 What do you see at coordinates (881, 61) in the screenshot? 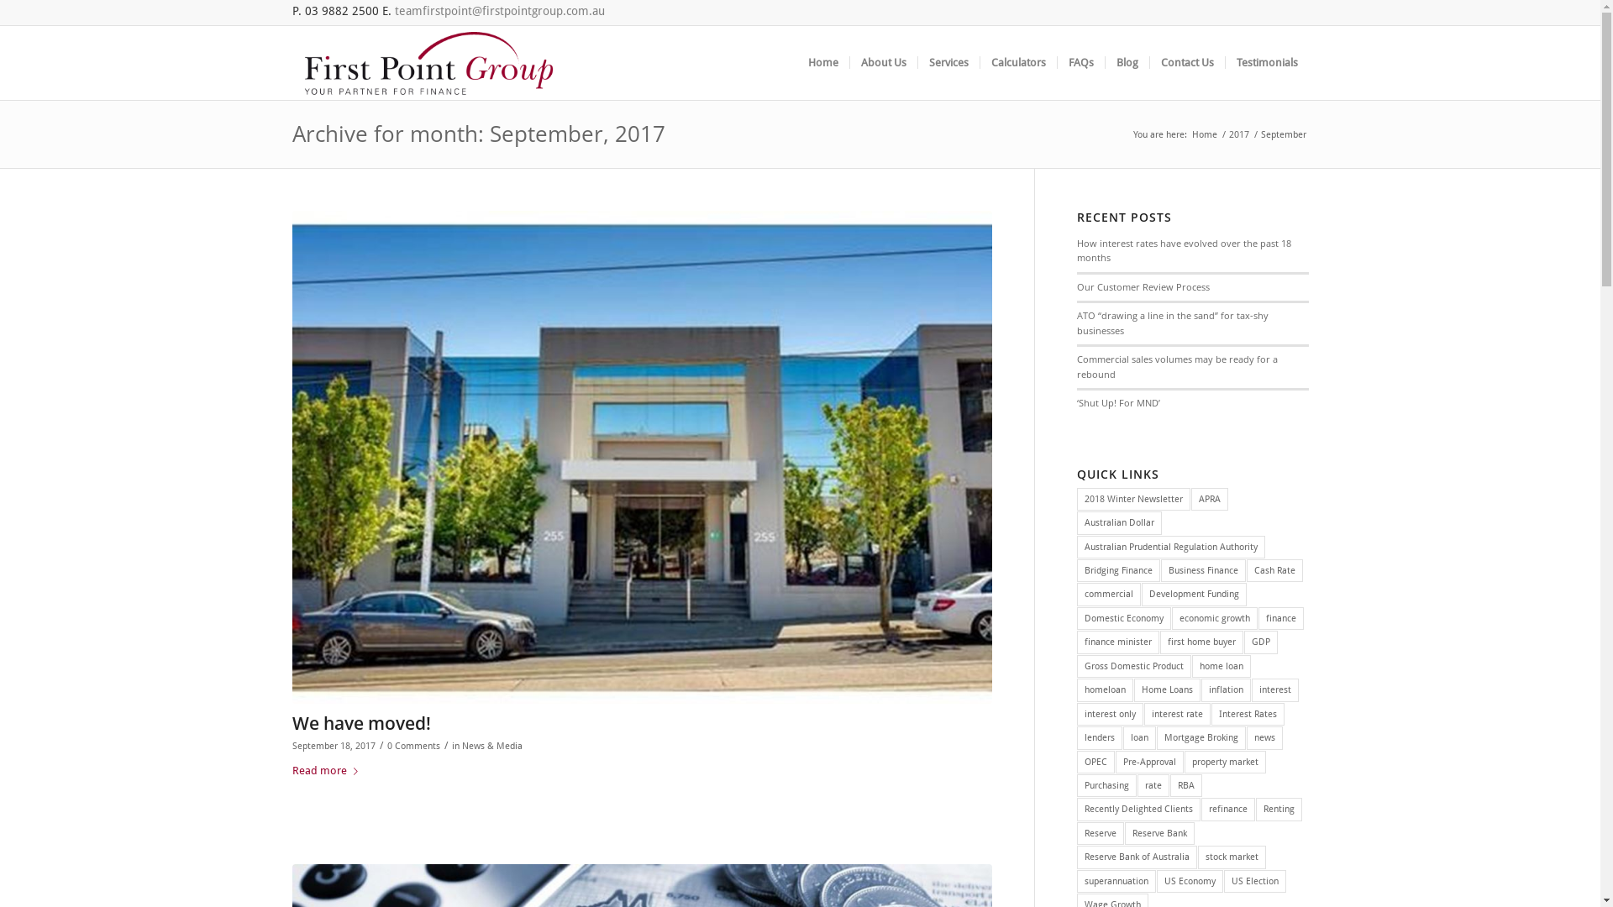
I see `'About Us'` at bounding box center [881, 61].